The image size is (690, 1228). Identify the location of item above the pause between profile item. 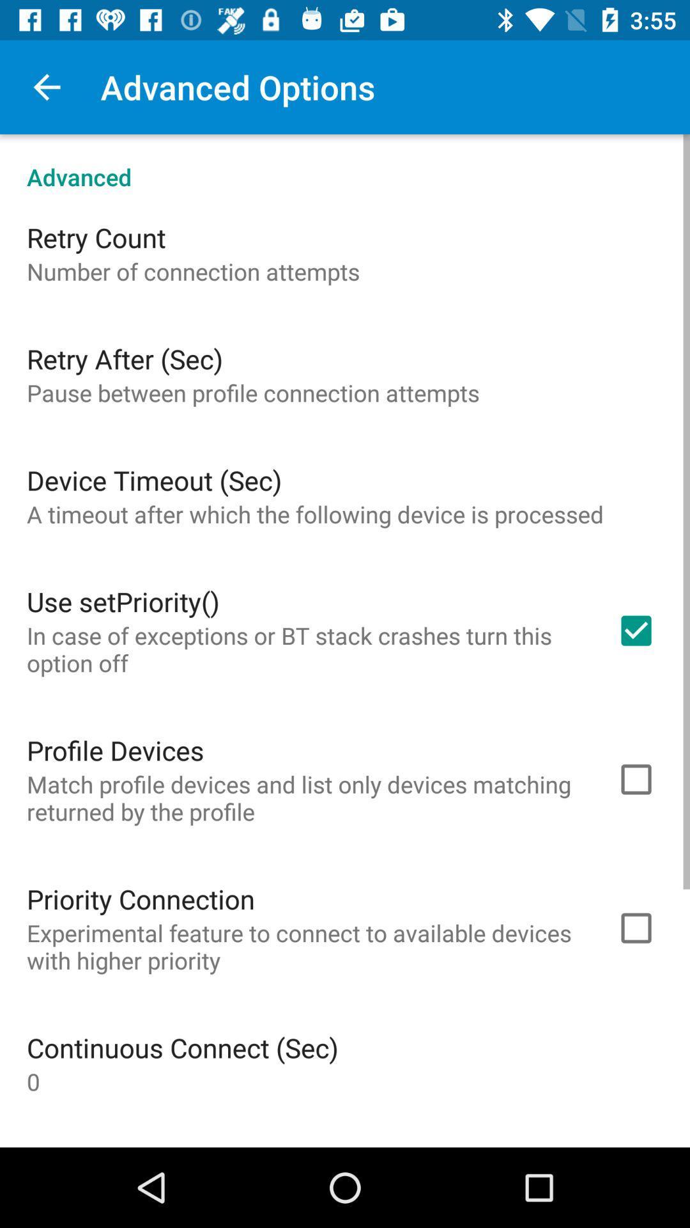
(125, 358).